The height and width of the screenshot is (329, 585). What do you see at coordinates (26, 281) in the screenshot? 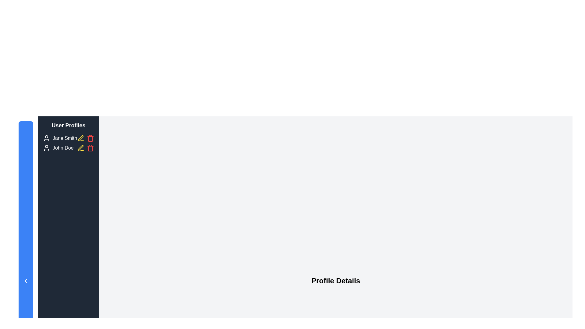
I see `the left chevron icon located in the left vertical blue panel near the bottom` at bounding box center [26, 281].